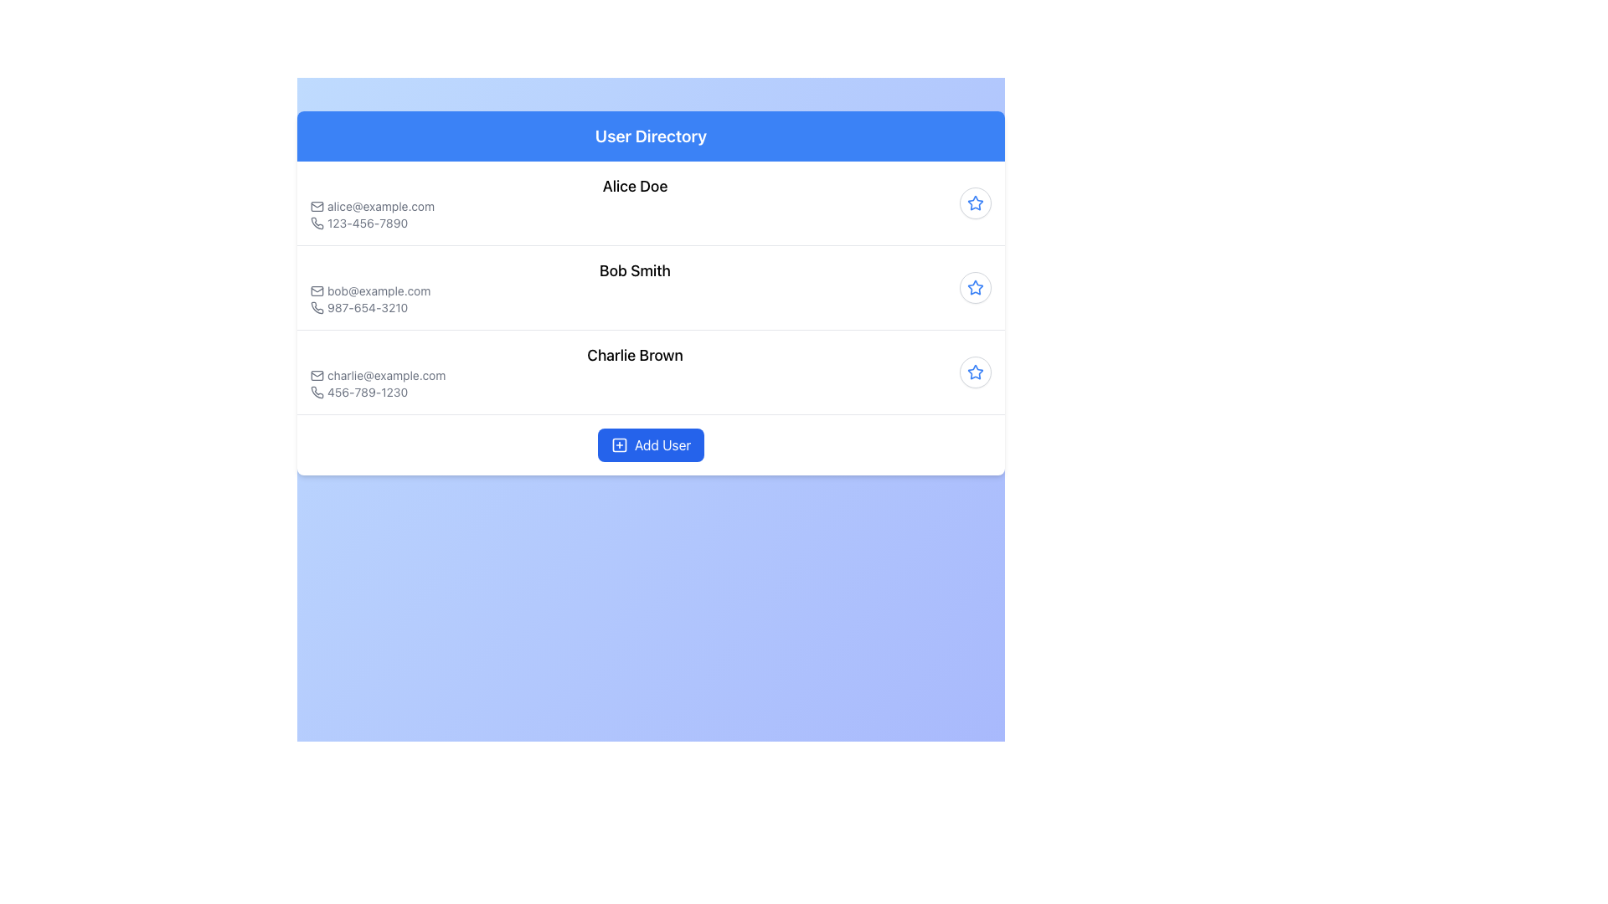  Describe the element at coordinates (976, 286) in the screenshot. I see `the circular button with a white background and a blue star icon located at the right end of the row containing 'Bob Smith' next to '987-654-3210'` at that location.